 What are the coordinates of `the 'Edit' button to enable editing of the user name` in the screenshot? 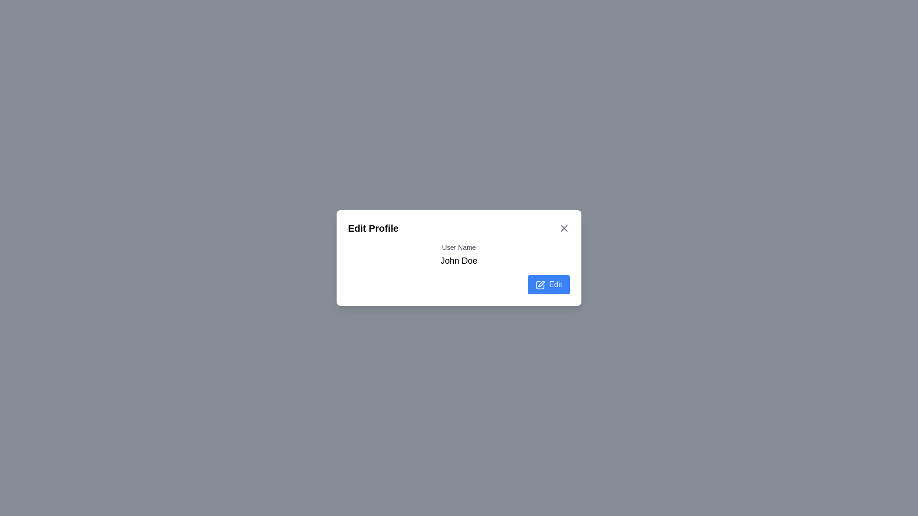 It's located at (548, 284).